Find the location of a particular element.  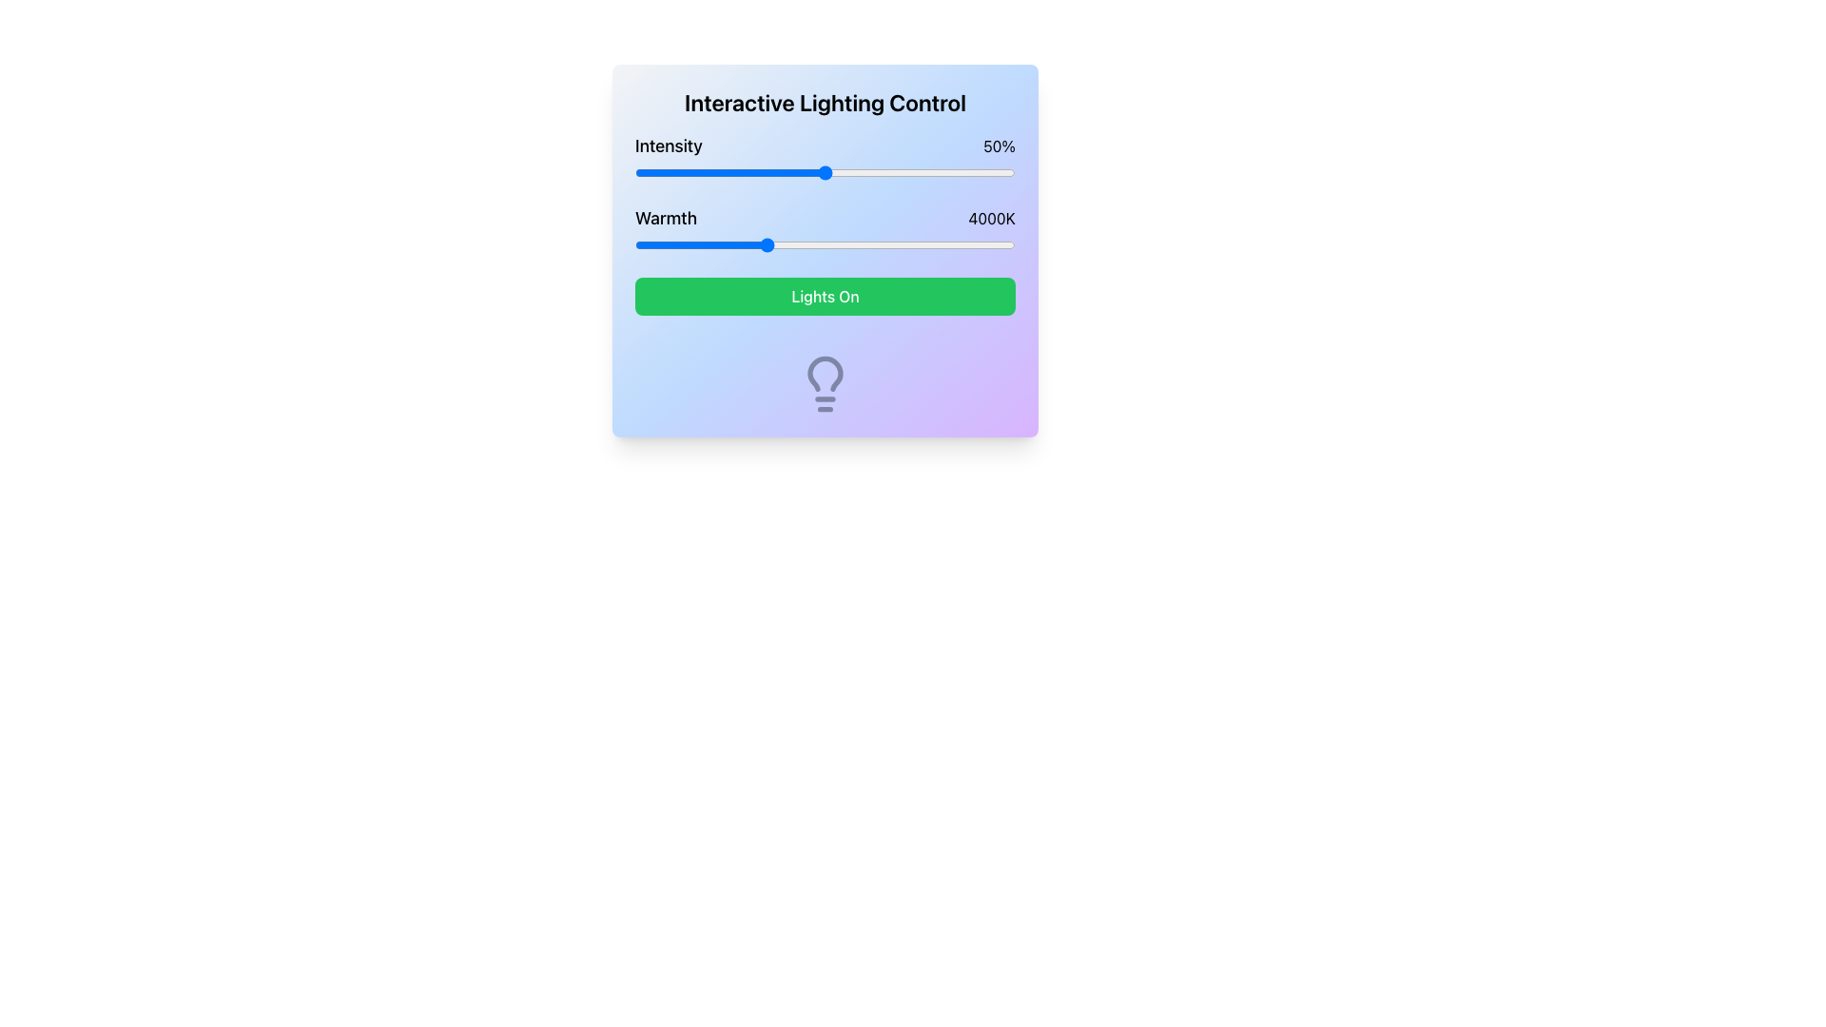

warmth is located at coordinates (976, 244).